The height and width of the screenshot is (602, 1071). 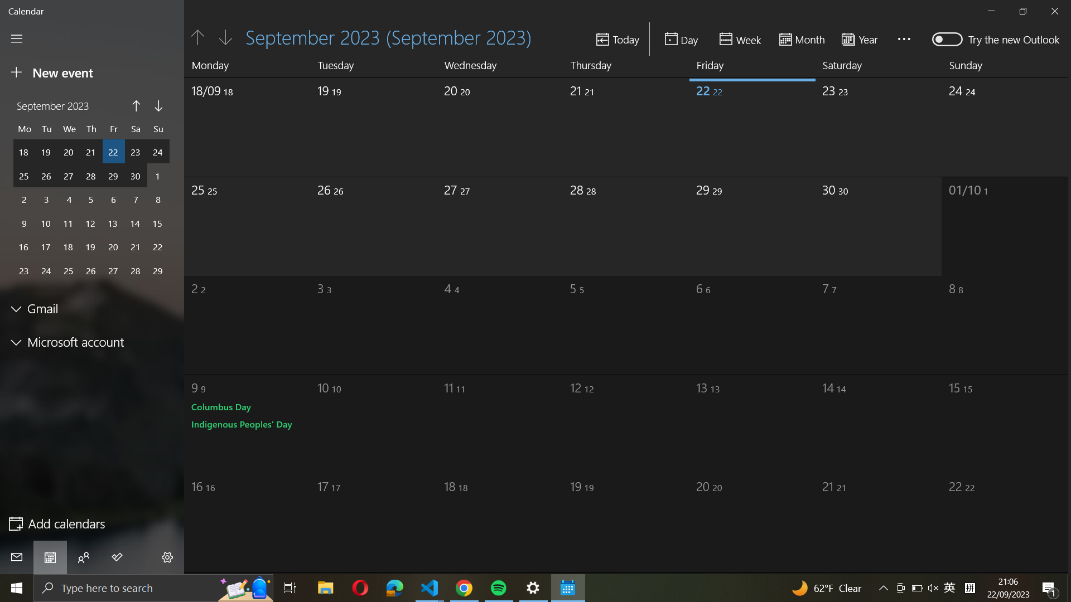 What do you see at coordinates (83, 557) in the screenshot?
I see `Use the calendar to establish a connection with others` at bounding box center [83, 557].